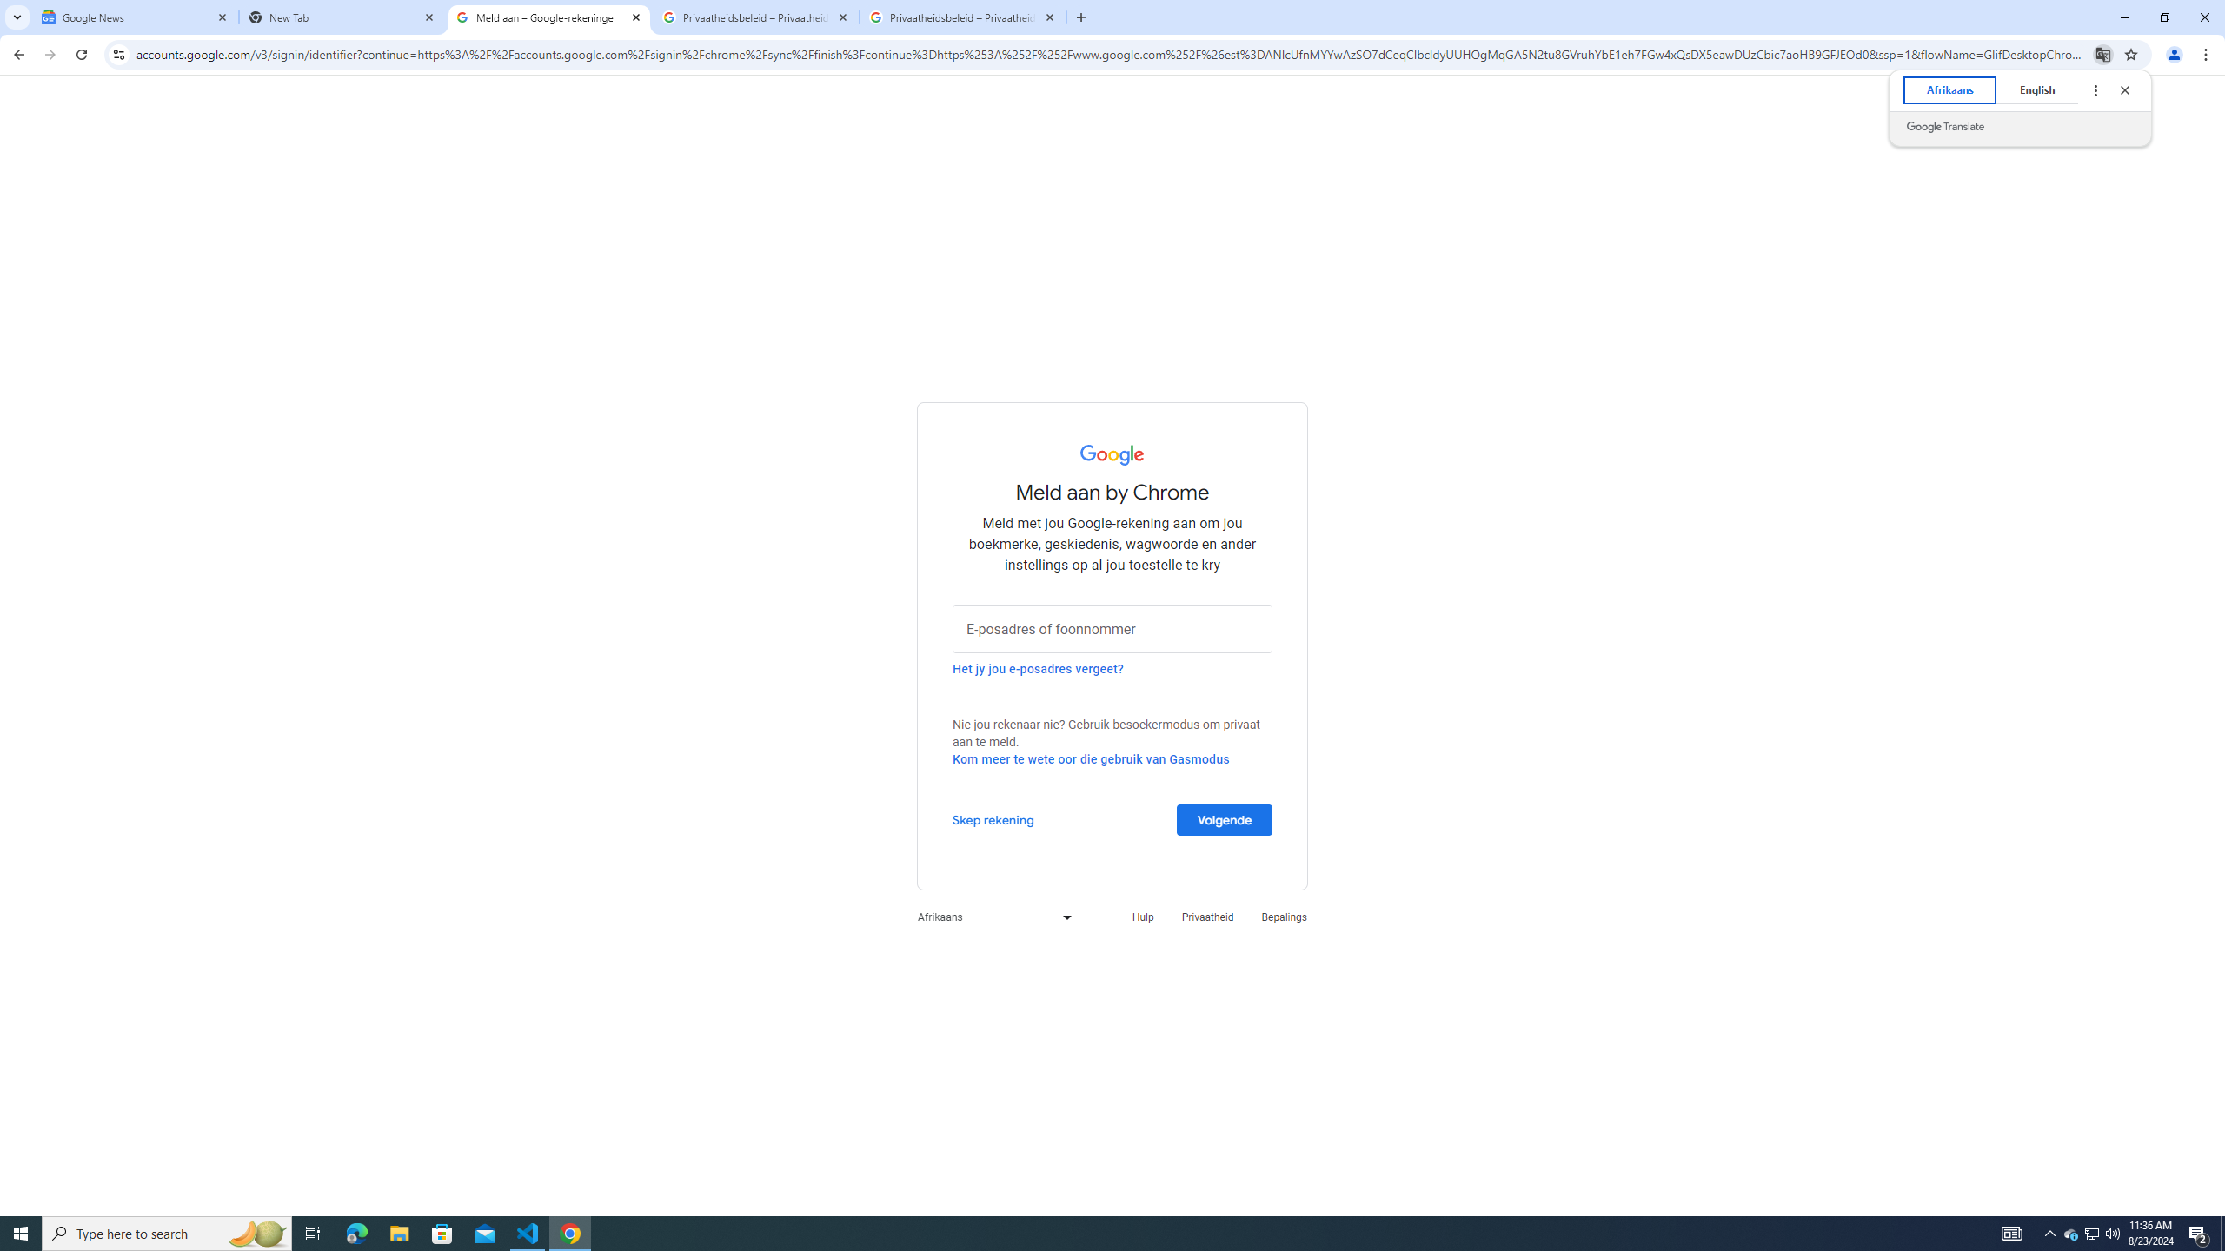  Describe the element at coordinates (2050, 1232) in the screenshot. I see `'Notification Chevron'` at that location.